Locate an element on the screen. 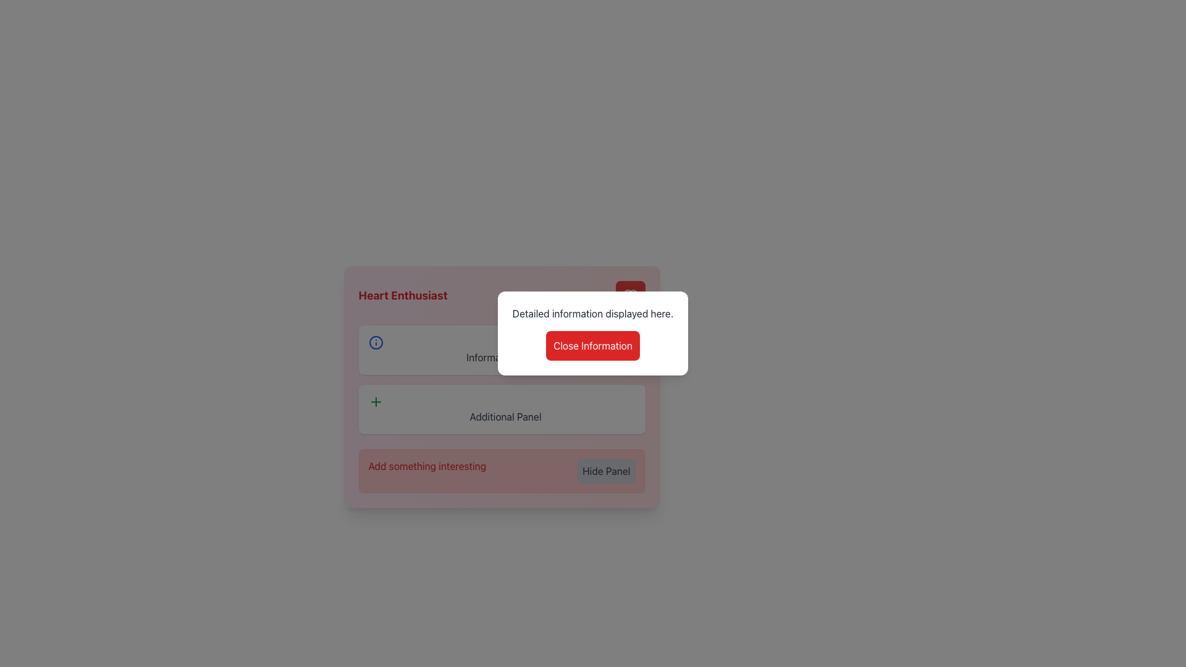 Image resolution: width=1186 pixels, height=667 pixels. the static text element that reads 'Add something interesting', styled in a bold red font and positioned within a light red background panel is located at coordinates (427, 471).